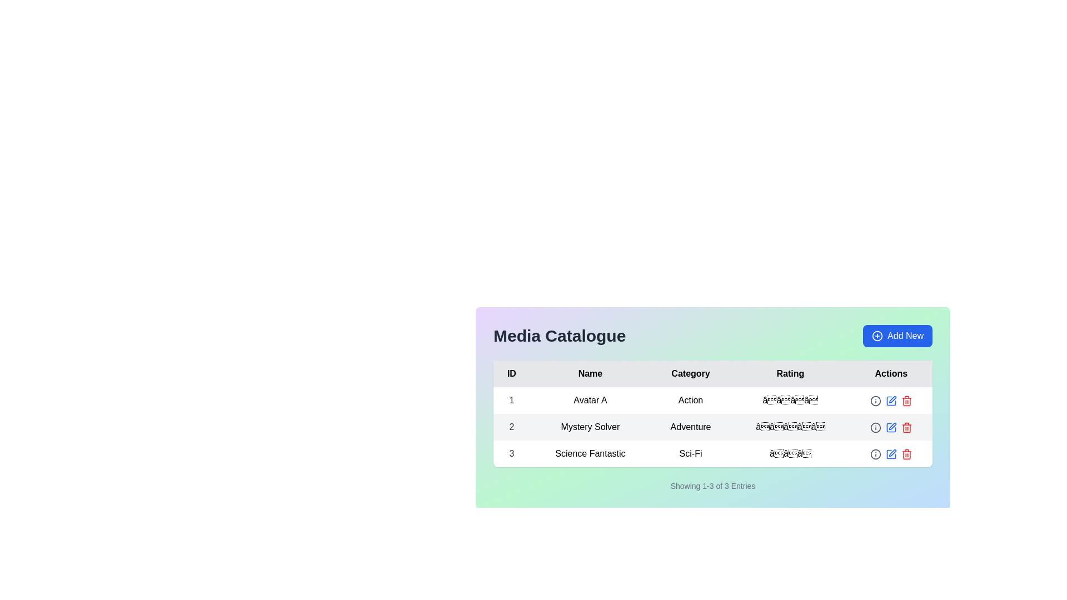 The width and height of the screenshot is (1067, 600). What do you see at coordinates (905, 336) in the screenshot?
I see `the 'Add New' text label within the button located in the top-right corner of the interface` at bounding box center [905, 336].